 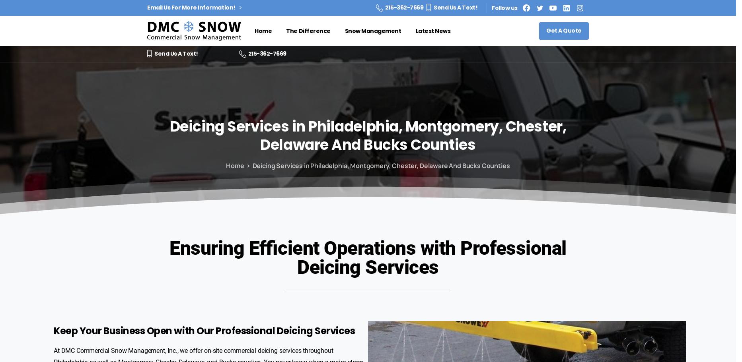 I want to click on 'in', so click(x=298, y=126).